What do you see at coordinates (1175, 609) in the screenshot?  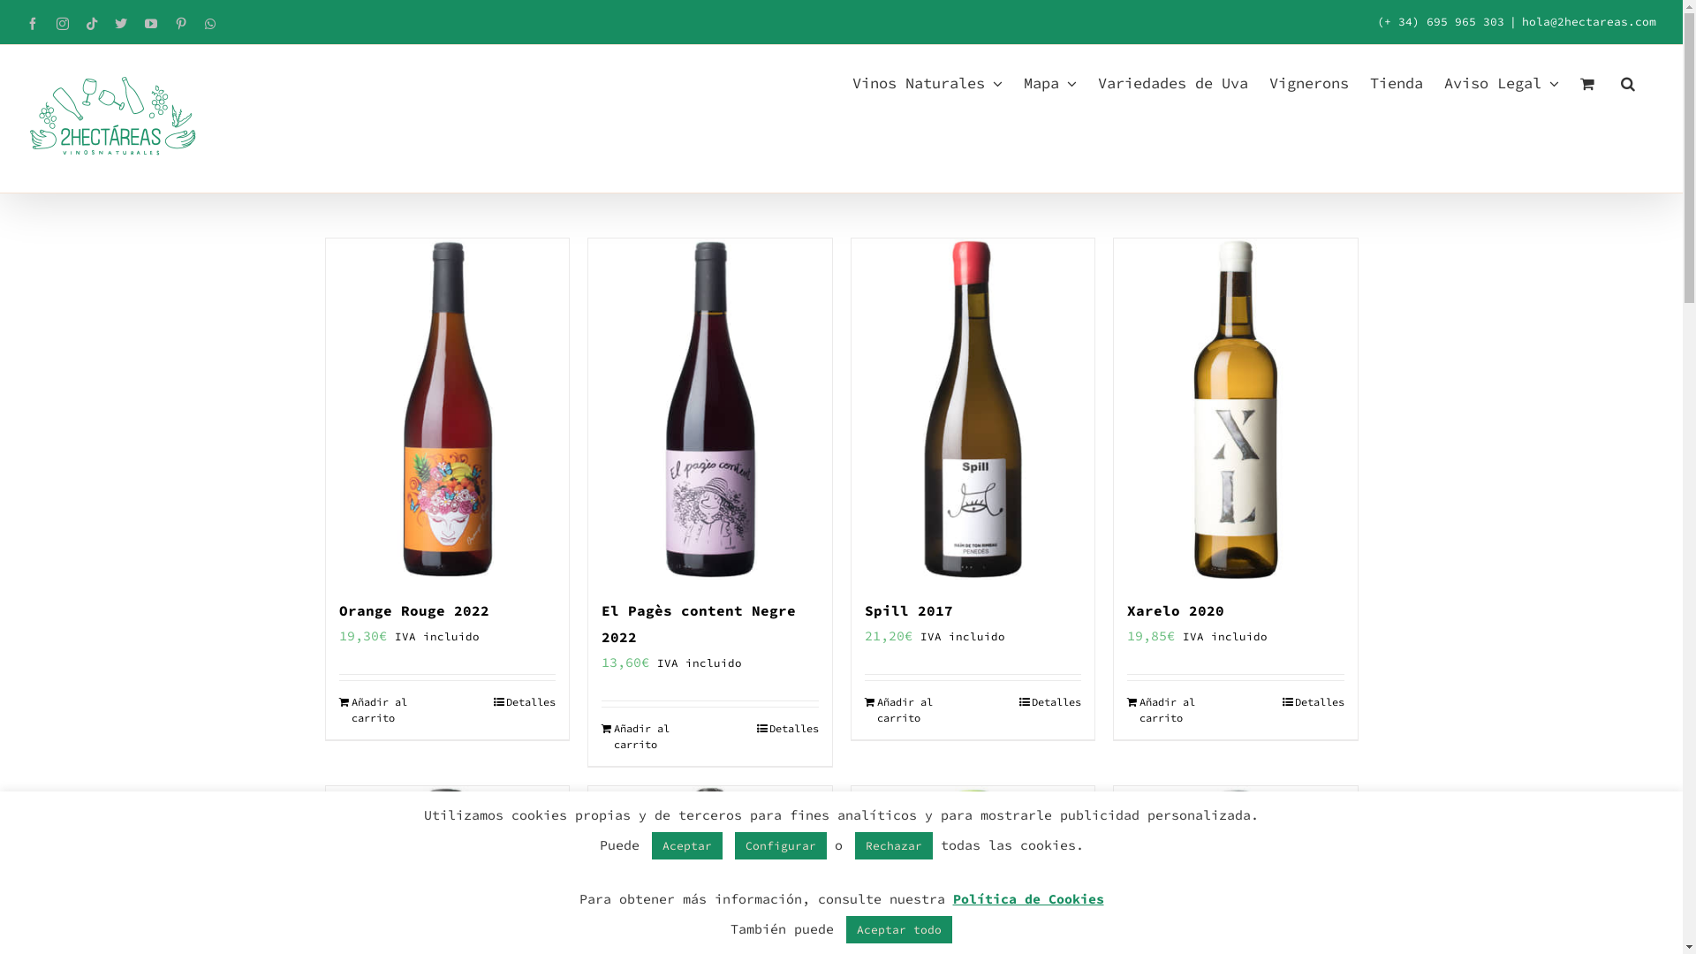 I see `'Xarelo 2020'` at bounding box center [1175, 609].